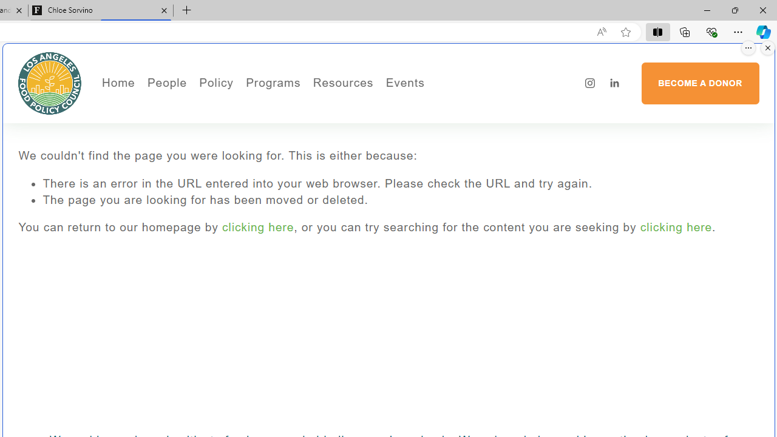  I want to click on 'BECOME A DONOR', so click(700, 83).